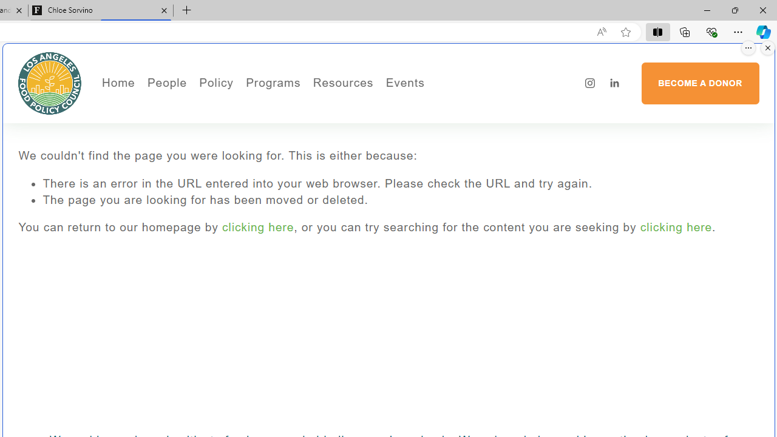  I want to click on 'BECOME A DONOR', so click(700, 83).